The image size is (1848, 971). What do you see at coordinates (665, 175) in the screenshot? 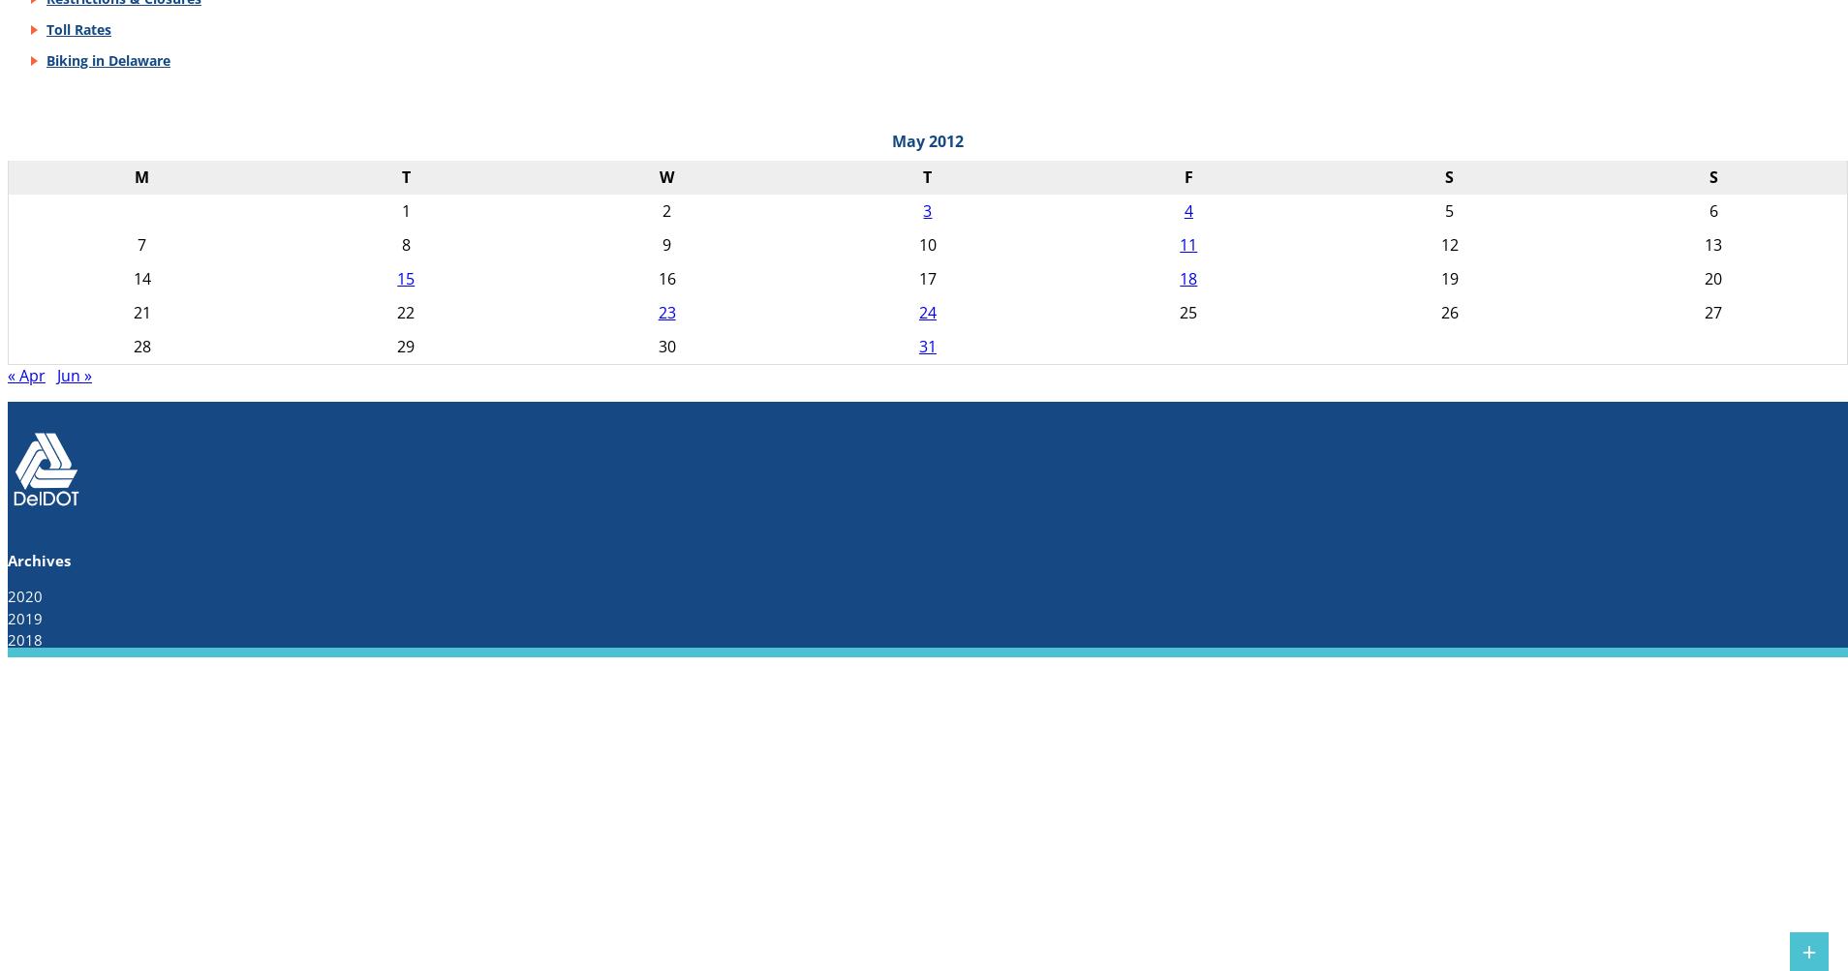
I see `'W'` at bounding box center [665, 175].